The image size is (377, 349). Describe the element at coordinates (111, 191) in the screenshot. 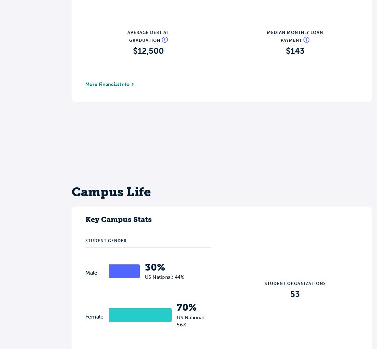

I see `'Campus Life'` at that location.